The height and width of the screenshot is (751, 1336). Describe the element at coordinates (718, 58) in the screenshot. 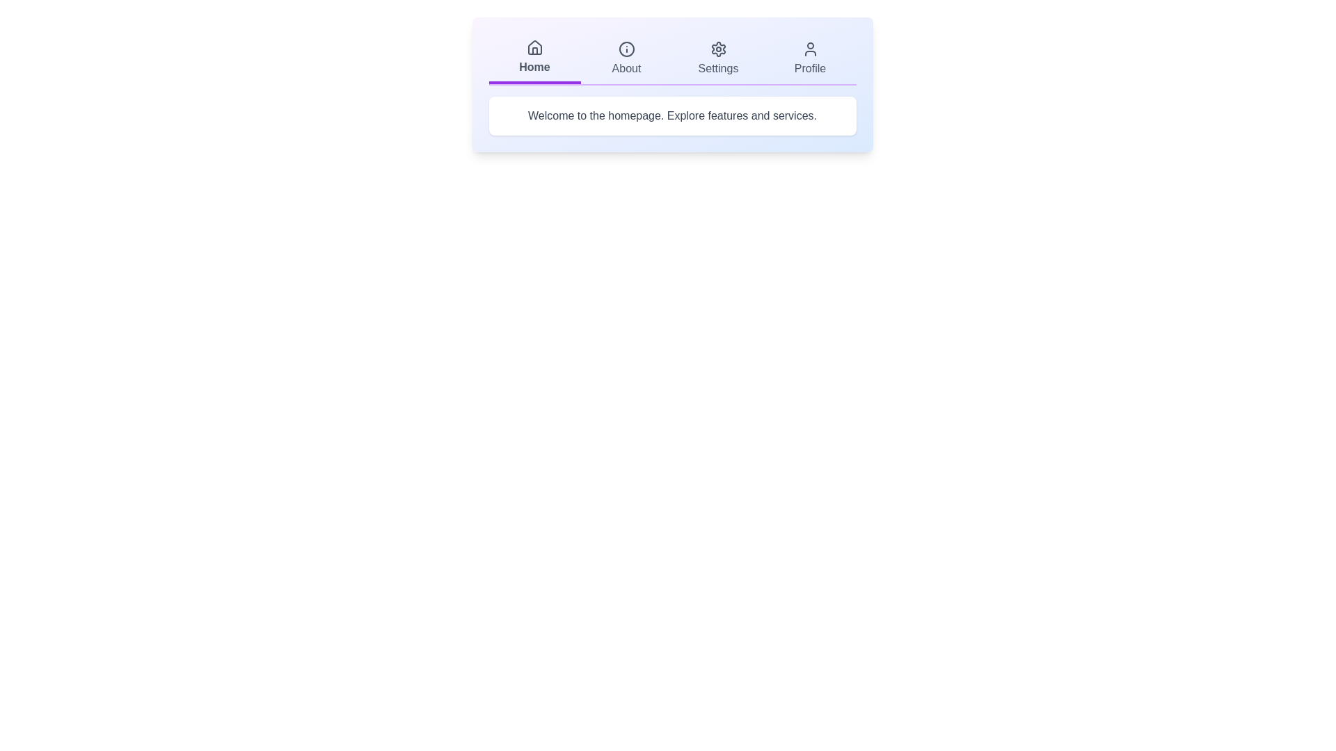

I see `the tab Settings from the available options` at that location.